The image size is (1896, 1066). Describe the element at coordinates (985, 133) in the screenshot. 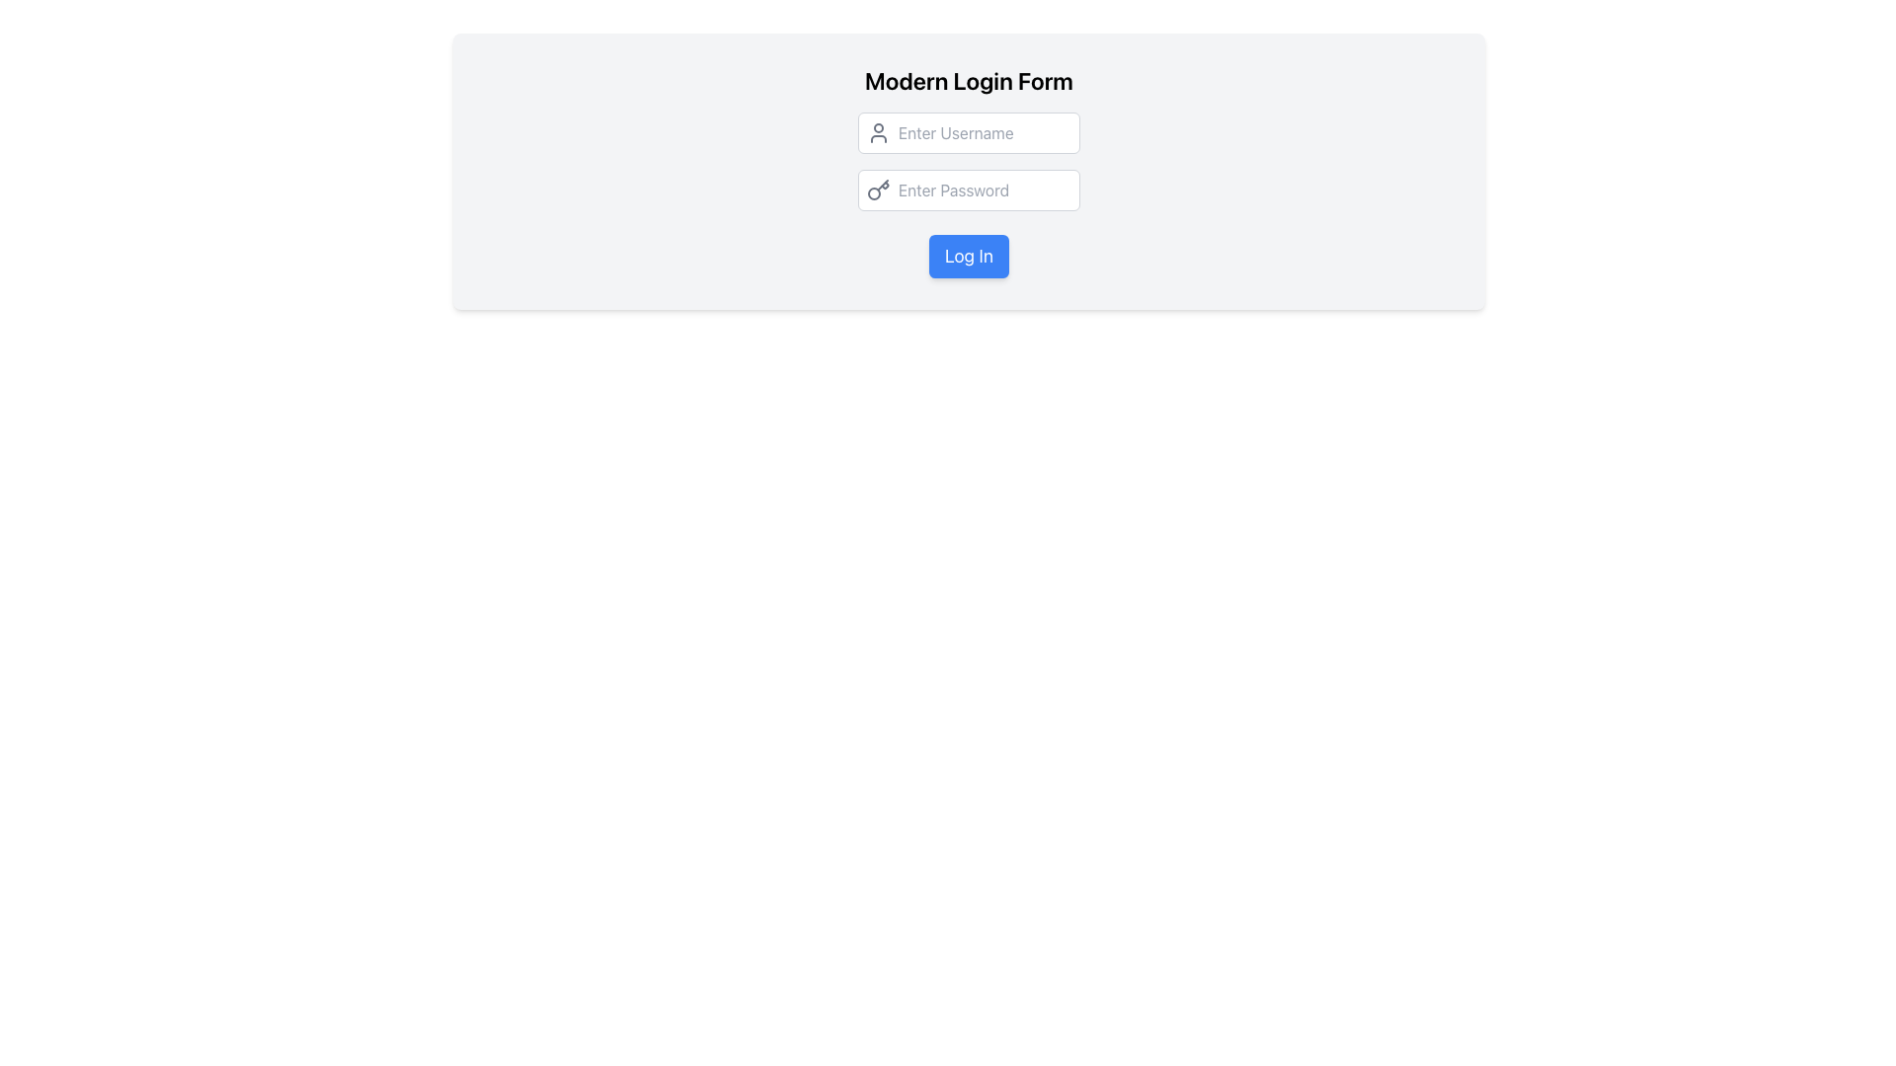

I see `the text input field for username entry, which has rounded edges and a placeholder text 'Enter Username', located slightly below the header of the login form` at that location.